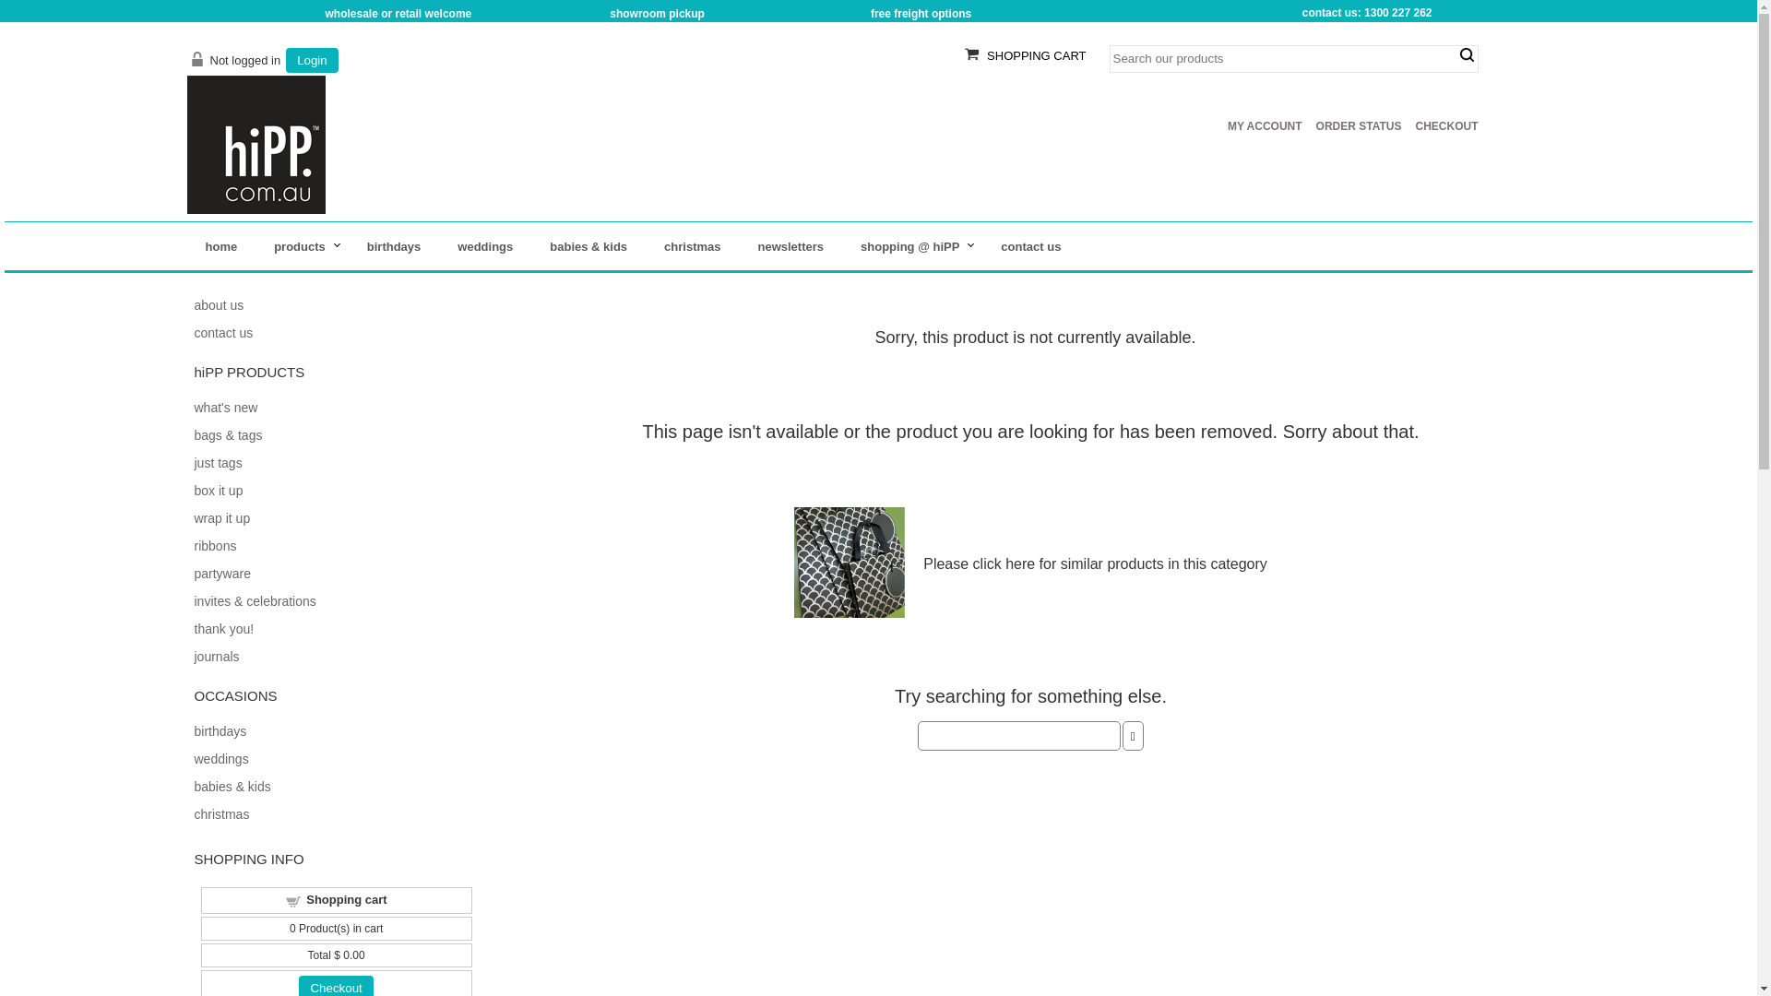 The height and width of the screenshot is (996, 1771). Describe the element at coordinates (194, 730) in the screenshot. I see `'birthdays'` at that location.